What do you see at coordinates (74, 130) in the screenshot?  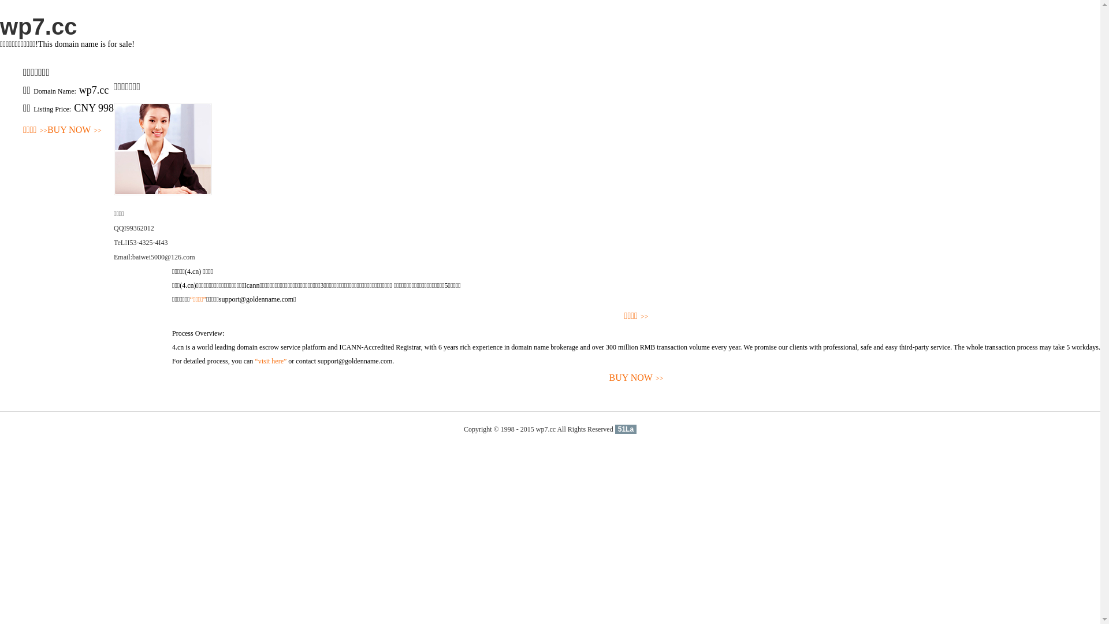 I see `'BUY NOW>>'` at bounding box center [74, 130].